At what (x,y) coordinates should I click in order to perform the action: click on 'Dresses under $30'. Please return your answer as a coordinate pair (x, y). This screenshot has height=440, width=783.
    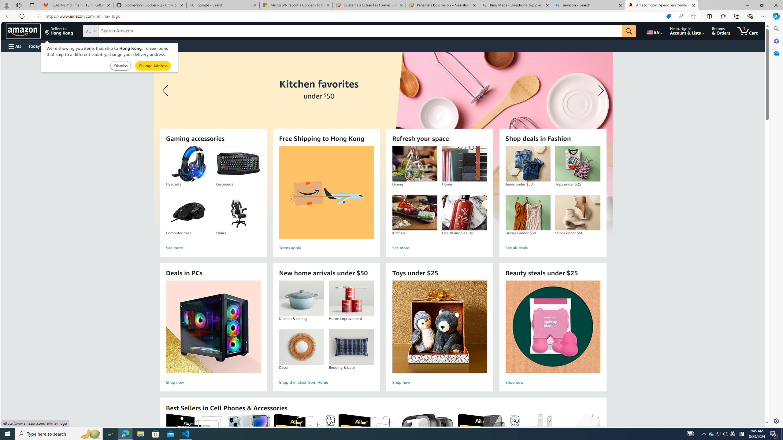
    Looking at the image, I should click on (528, 213).